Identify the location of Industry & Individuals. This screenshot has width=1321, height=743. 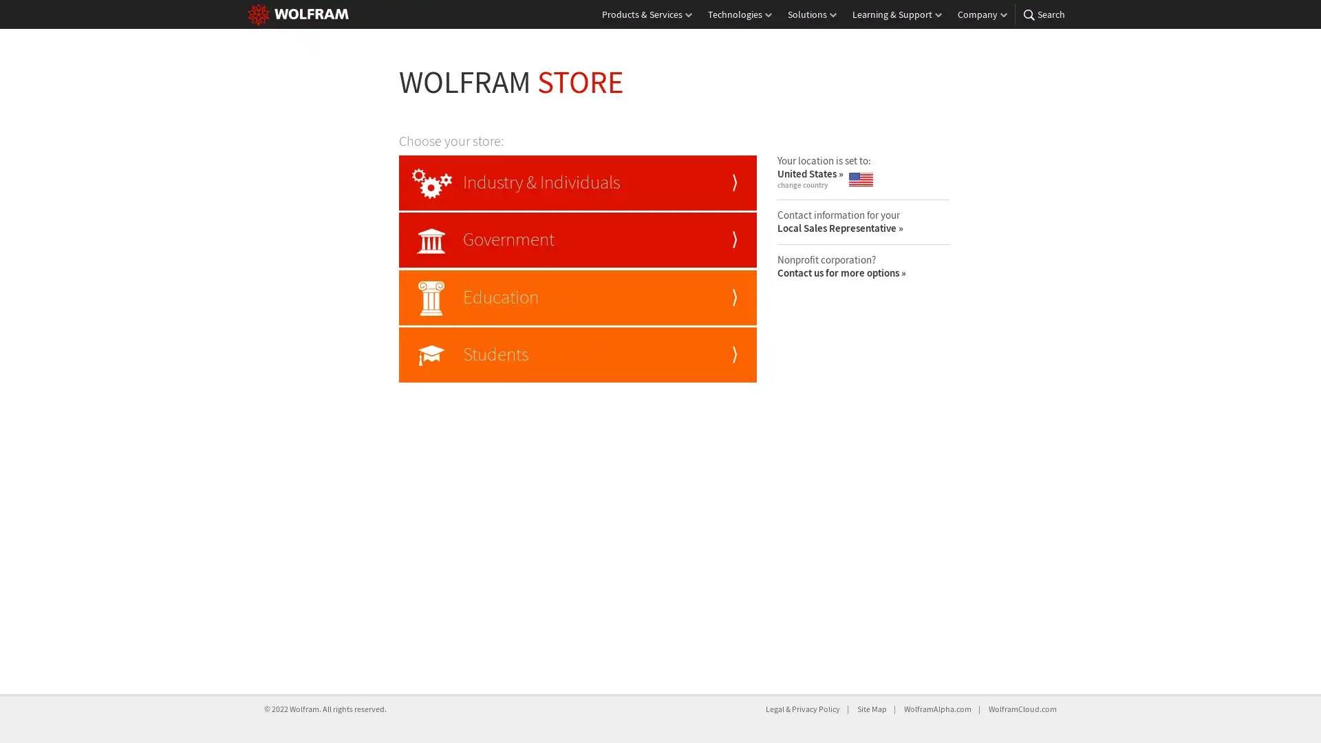
(578, 182).